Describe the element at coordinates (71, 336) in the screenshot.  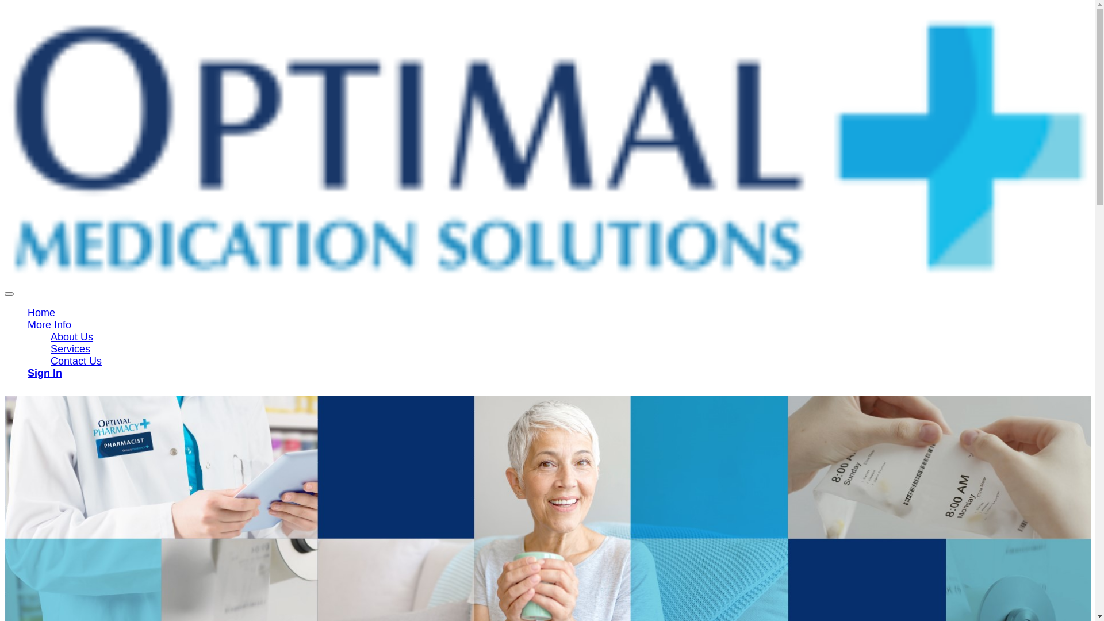
I see `'About Us'` at that location.